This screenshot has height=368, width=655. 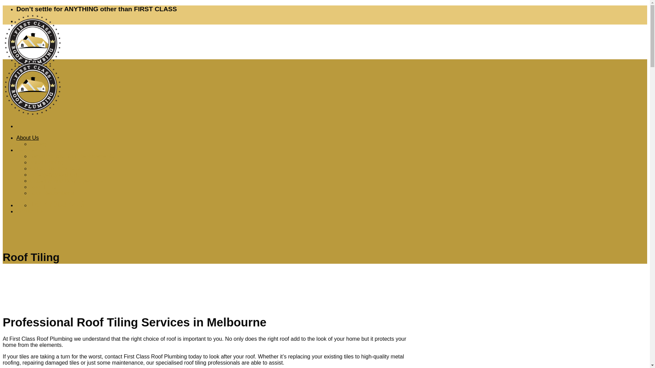 What do you see at coordinates (38, 143) in the screenshot?
I see `'Gallery'` at bounding box center [38, 143].